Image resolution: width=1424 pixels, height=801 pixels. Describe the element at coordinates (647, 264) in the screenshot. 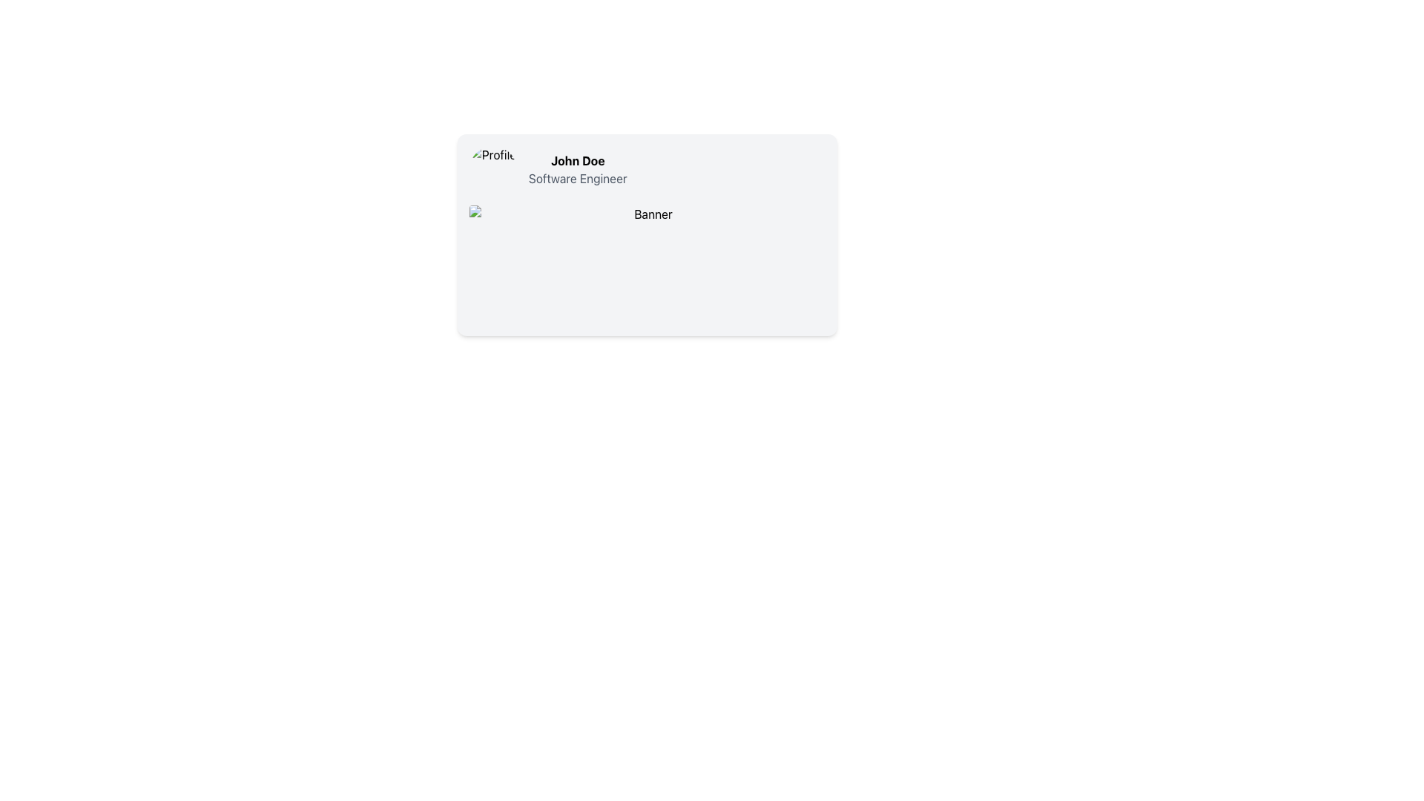

I see `the large placeholder banner image element displaying 'Banner' at its center to view options` at that location.